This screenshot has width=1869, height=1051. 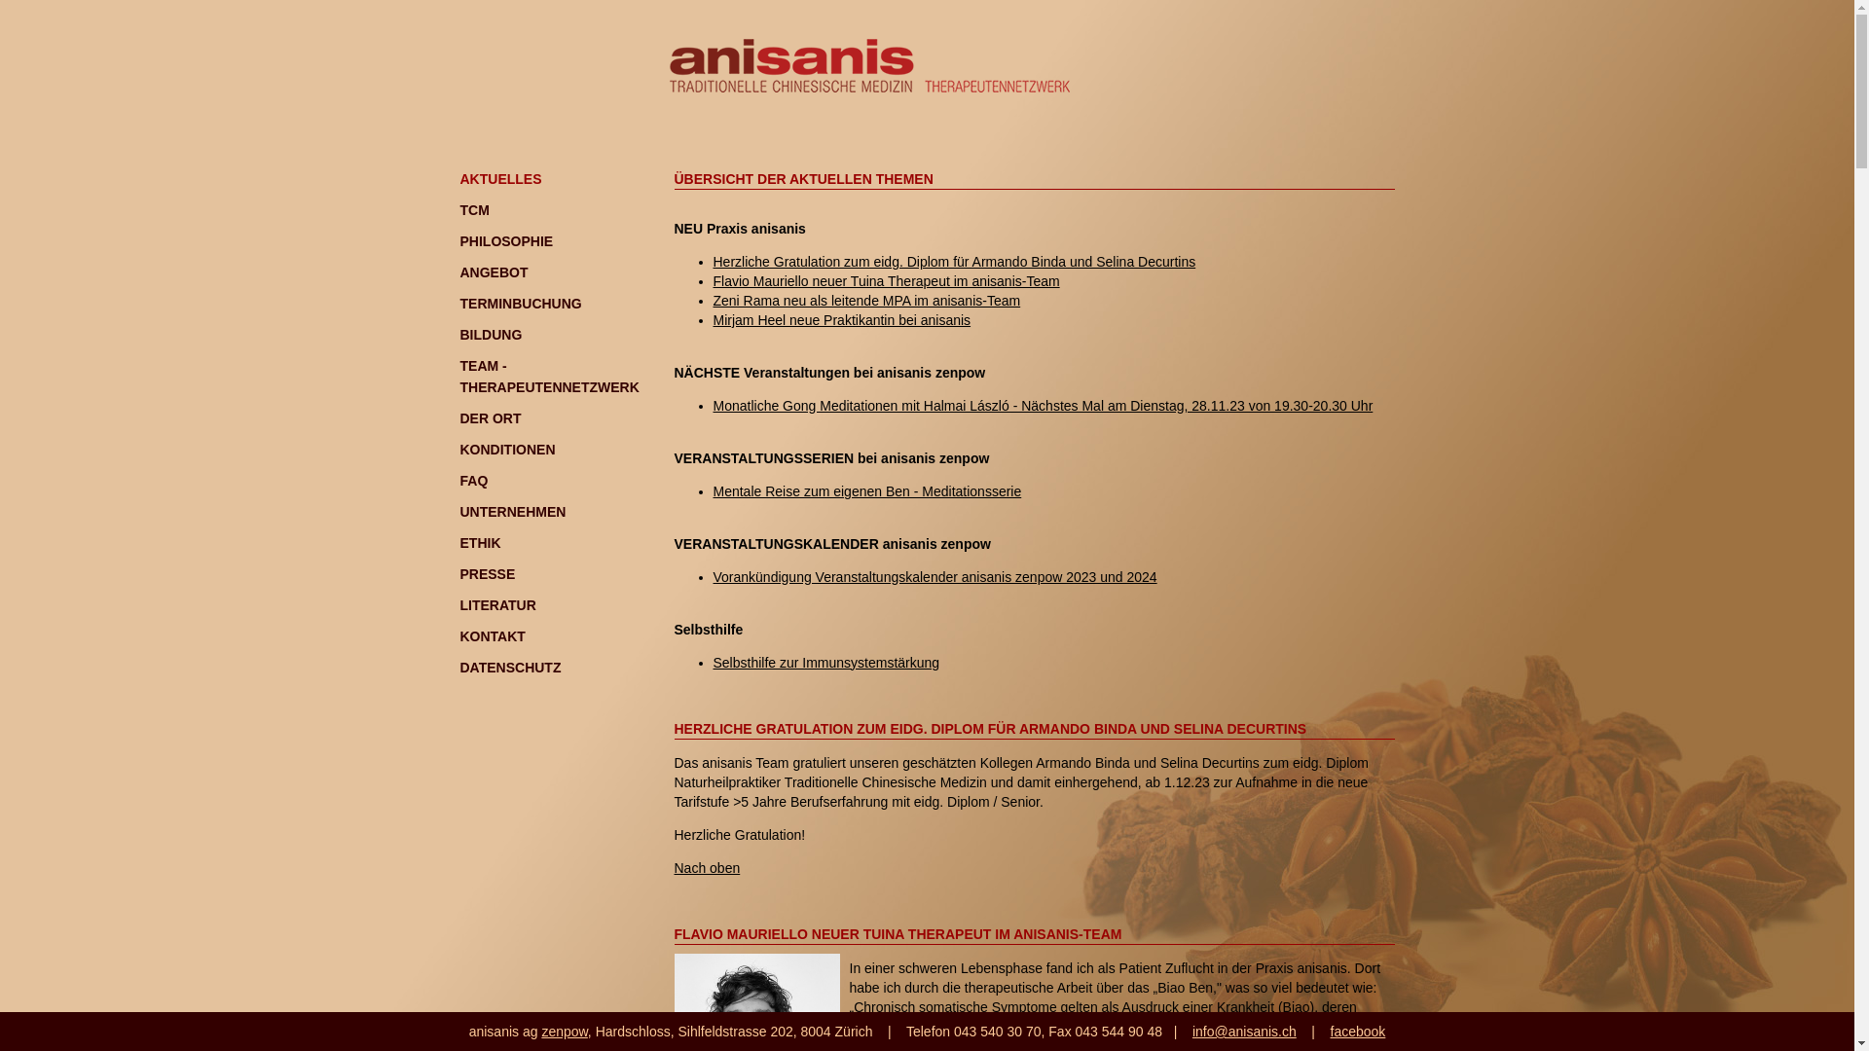 I want to click on 'facebook', so click(x=1357, y=1031).